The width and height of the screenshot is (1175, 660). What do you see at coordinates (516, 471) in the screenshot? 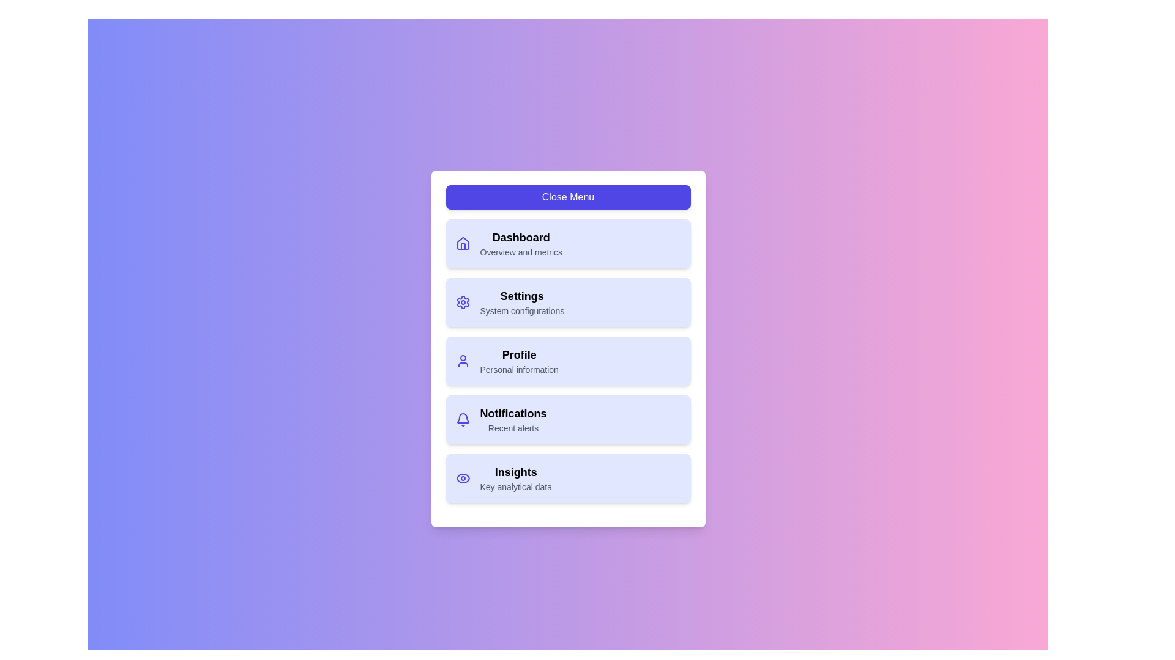
I see `the text of the menu item labeled Insights` at bounding box center [516, 471].